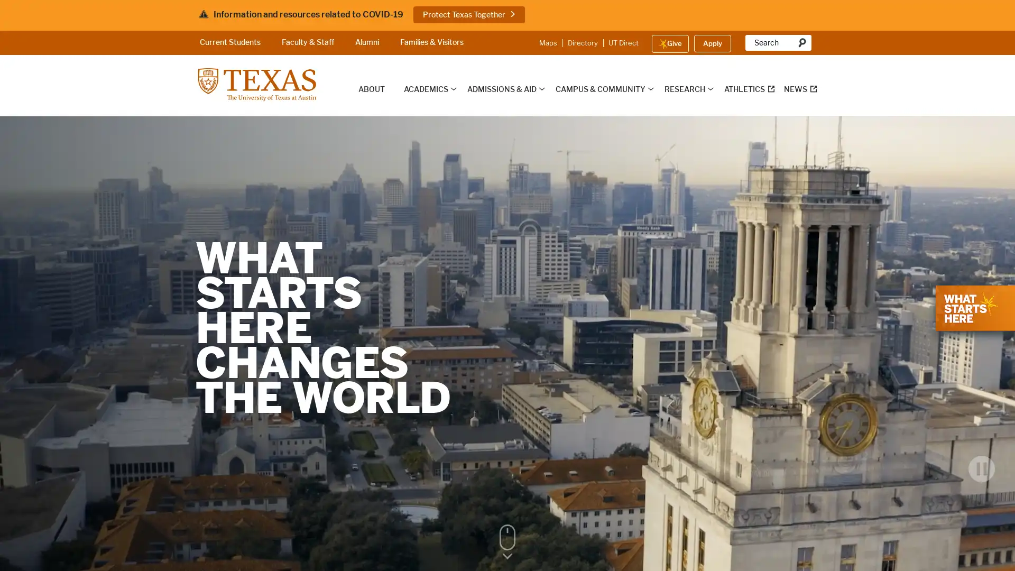 Image resolution: width=1015 pixels, height=571 pixels. I want to click on Pause button Pause button, so click(981, 483).